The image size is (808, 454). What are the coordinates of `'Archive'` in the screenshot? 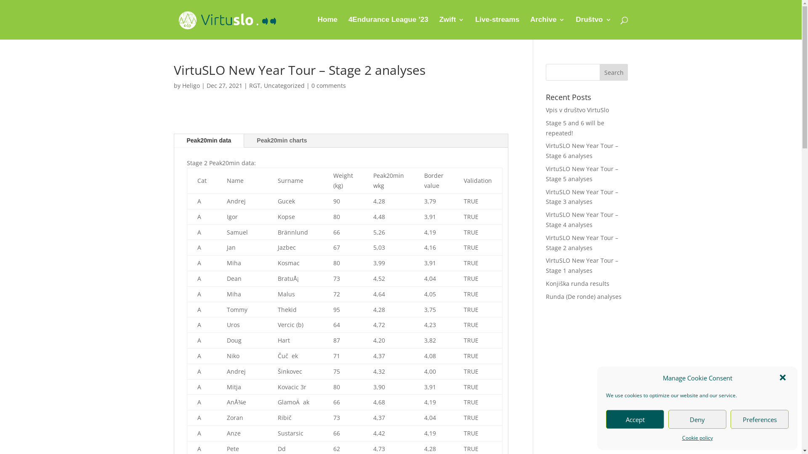 It's located at (547, 27).